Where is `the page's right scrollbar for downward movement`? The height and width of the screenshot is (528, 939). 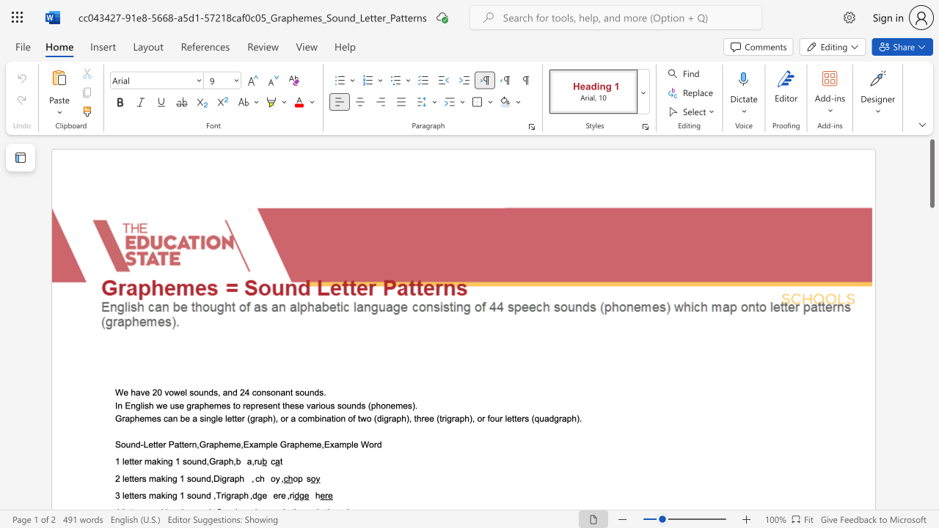 the page's right scrollbar for downward movement is located at coordinates (931, 425).